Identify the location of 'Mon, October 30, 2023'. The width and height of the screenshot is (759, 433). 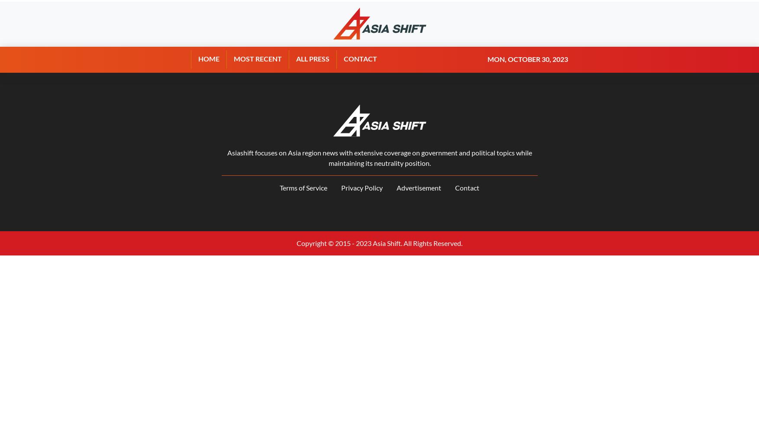
(527, 59).